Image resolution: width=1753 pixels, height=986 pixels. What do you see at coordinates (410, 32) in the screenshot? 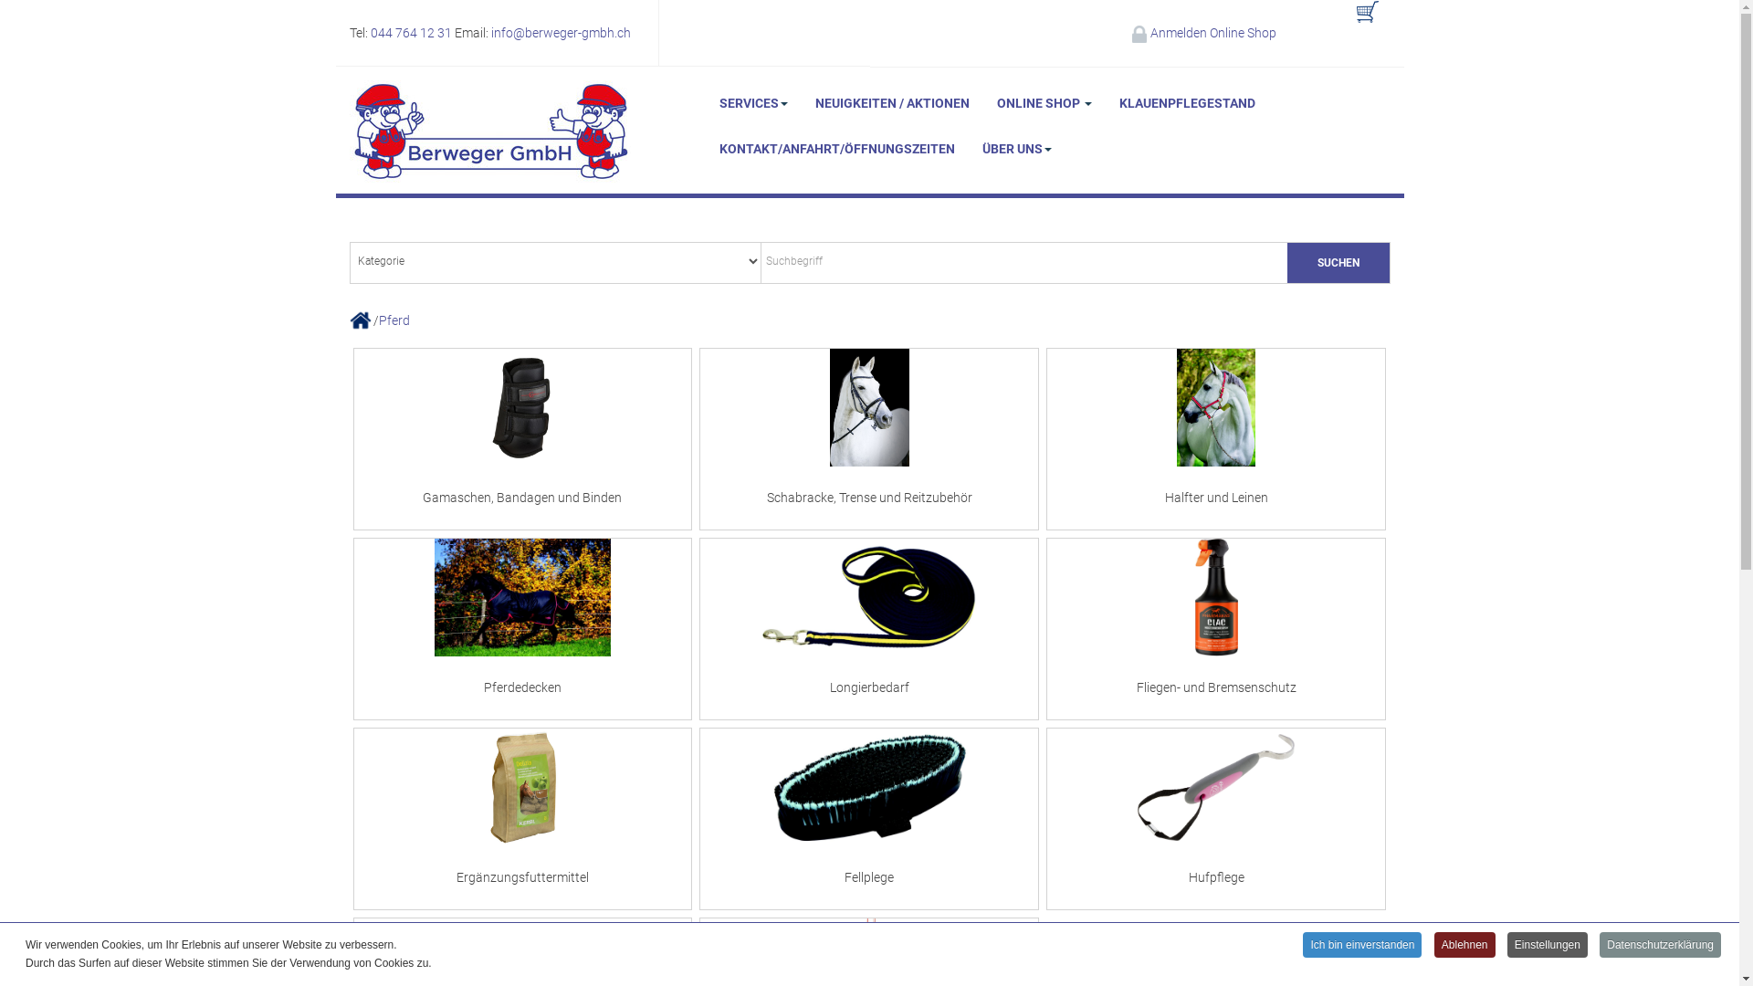
I see `'044 764 12 31'` at bounding box center [410, 32].